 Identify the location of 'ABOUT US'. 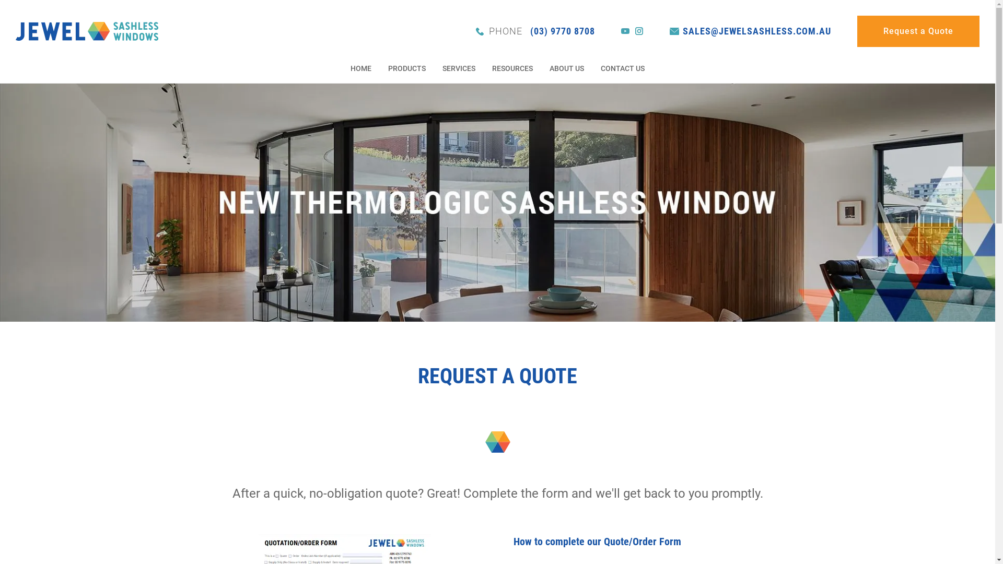
(566, 69).